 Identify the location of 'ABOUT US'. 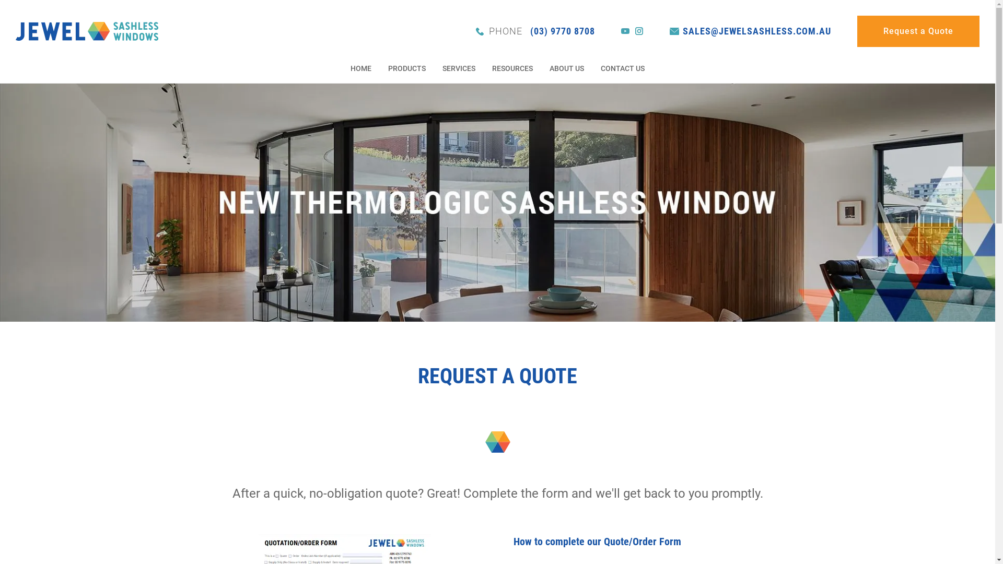
(566, 69).